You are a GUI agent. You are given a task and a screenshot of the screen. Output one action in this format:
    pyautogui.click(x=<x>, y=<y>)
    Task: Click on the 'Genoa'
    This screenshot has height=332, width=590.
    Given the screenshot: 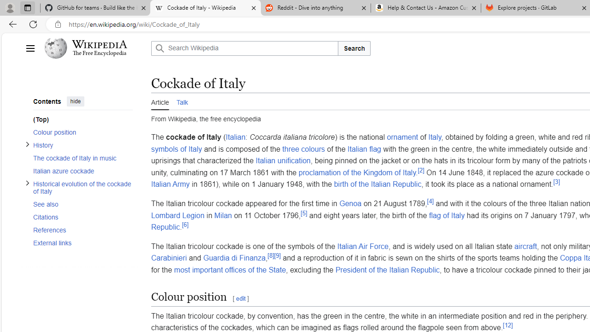 What is the action you would take?
    pyautogui.click(x=350, y=203)
    